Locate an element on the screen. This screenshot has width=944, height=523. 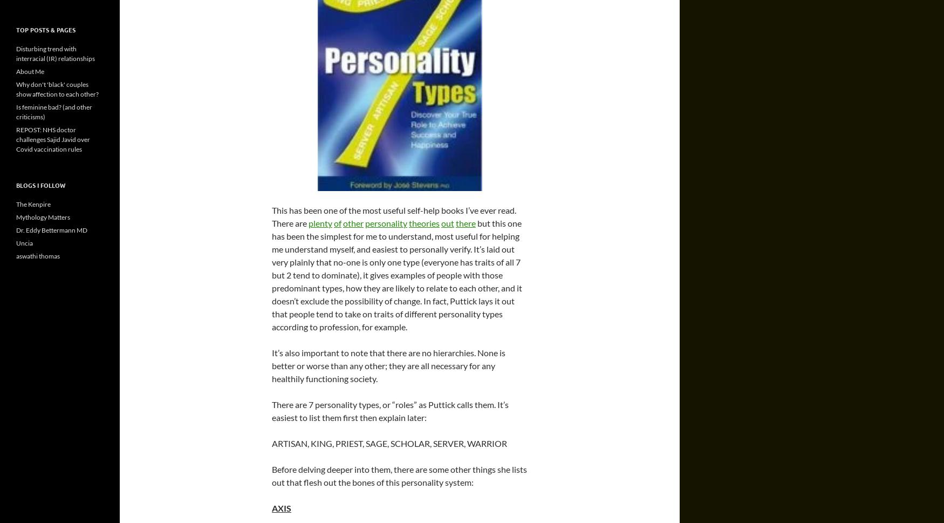
'there' is located at coordinates (466, 222).